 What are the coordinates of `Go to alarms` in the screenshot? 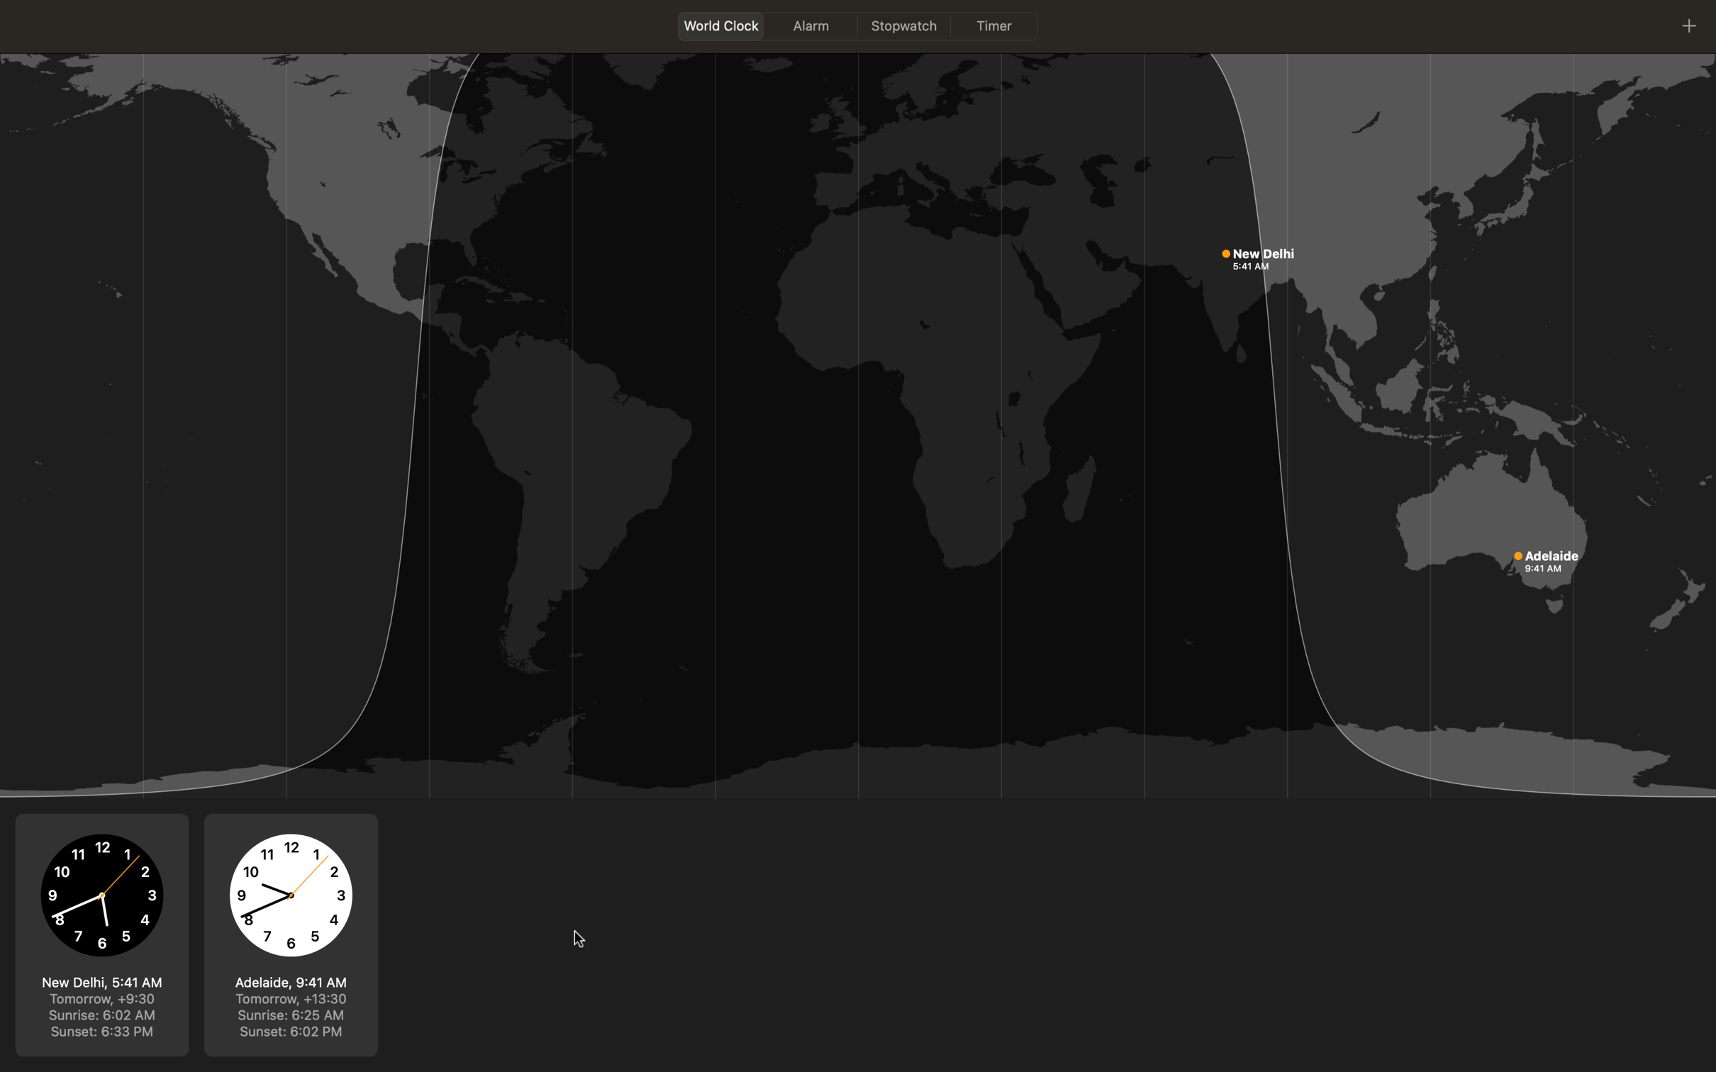 It's located at (810, 25).